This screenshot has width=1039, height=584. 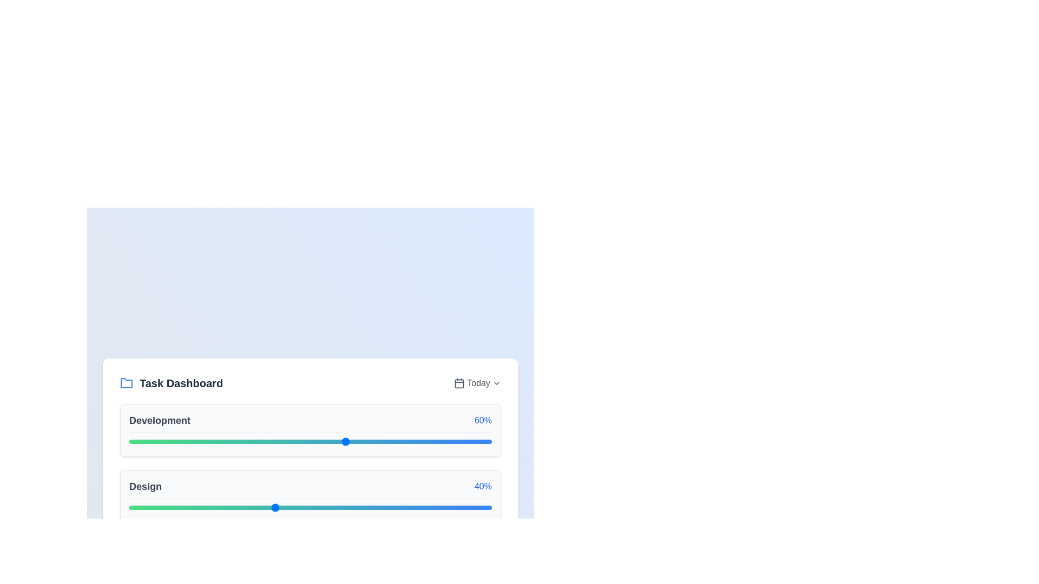 I want to click on the slider, so click(x=263, y=442).